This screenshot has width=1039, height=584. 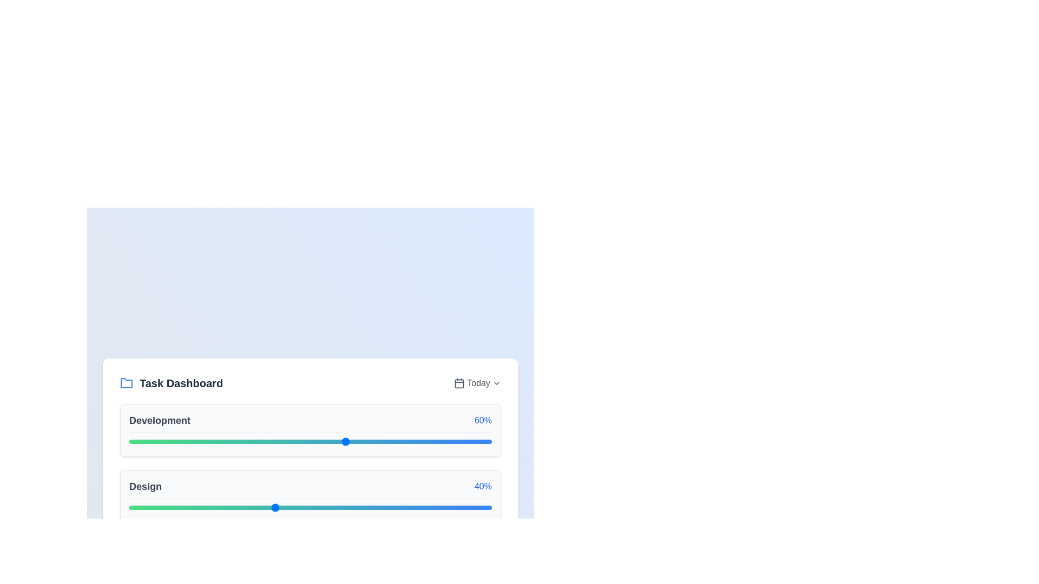 I want to click on the slider, so click(x=263, y=442).